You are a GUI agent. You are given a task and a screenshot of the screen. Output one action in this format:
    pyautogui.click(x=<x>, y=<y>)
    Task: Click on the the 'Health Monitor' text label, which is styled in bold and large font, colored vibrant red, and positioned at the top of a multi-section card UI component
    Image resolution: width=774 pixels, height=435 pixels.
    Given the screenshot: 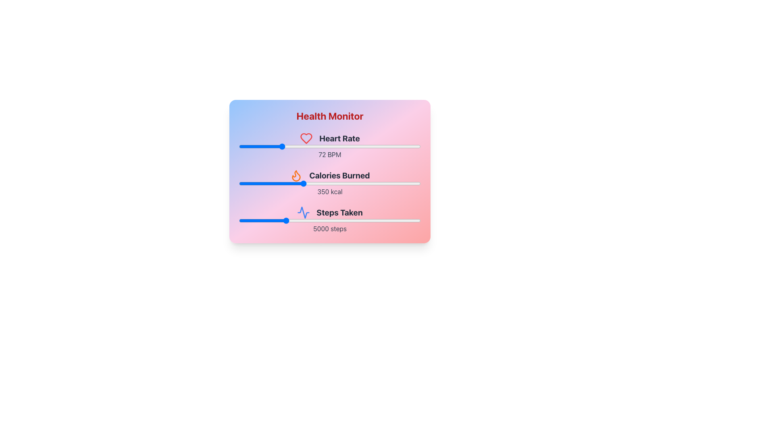 What is the action you would take?
    pyautogui.click(x=330, y=116)
    